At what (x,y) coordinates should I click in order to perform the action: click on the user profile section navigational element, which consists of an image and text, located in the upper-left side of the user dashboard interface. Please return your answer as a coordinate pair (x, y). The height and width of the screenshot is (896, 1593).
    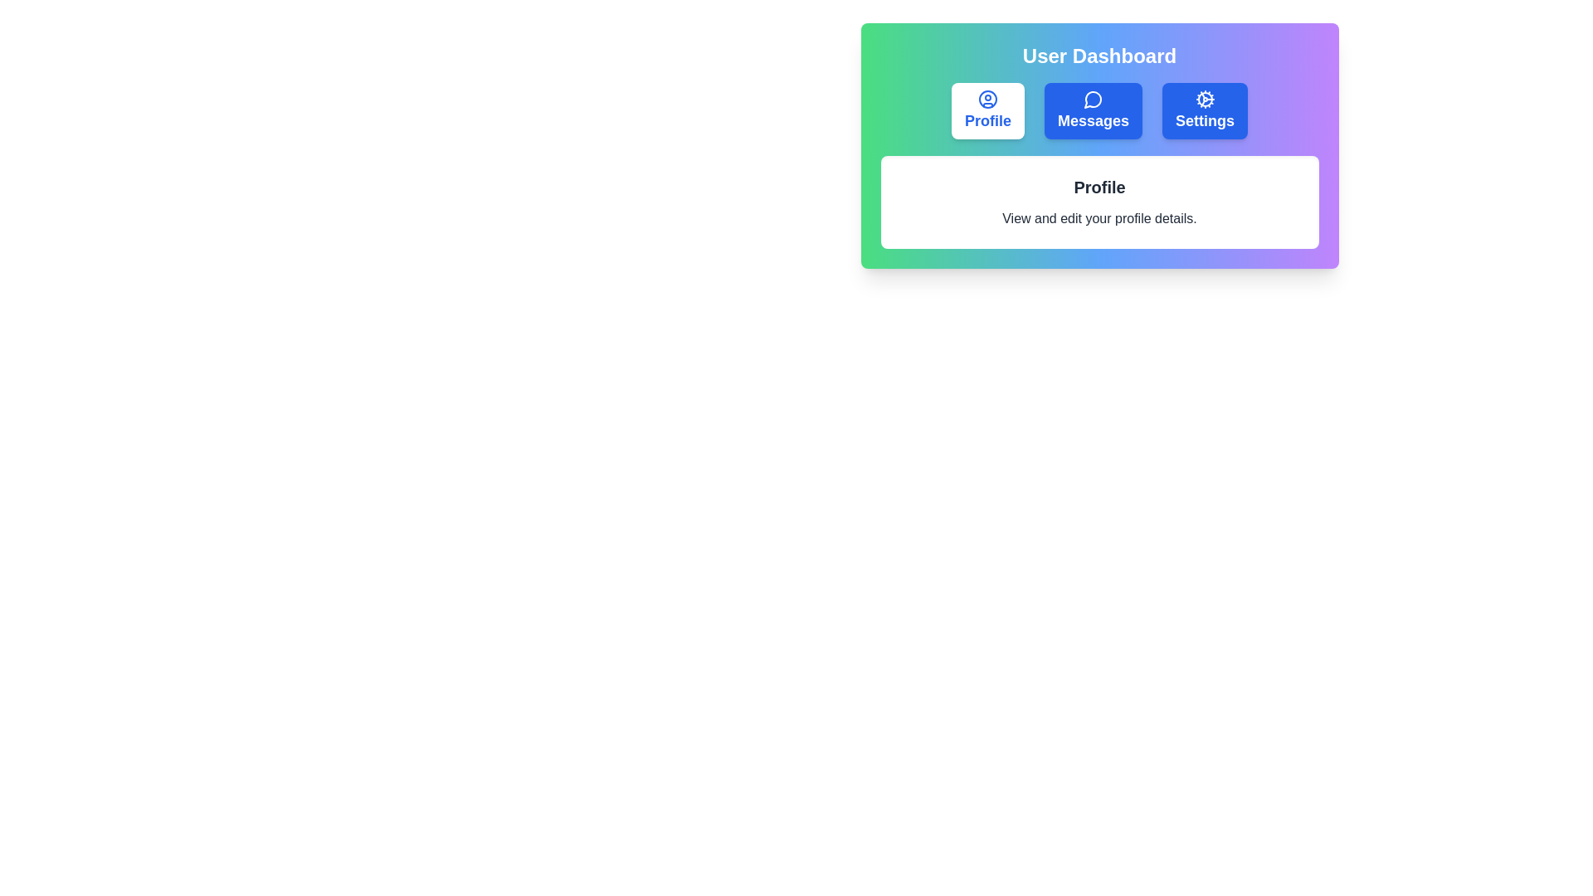
    Looking at the image, I should click on (987, 111).